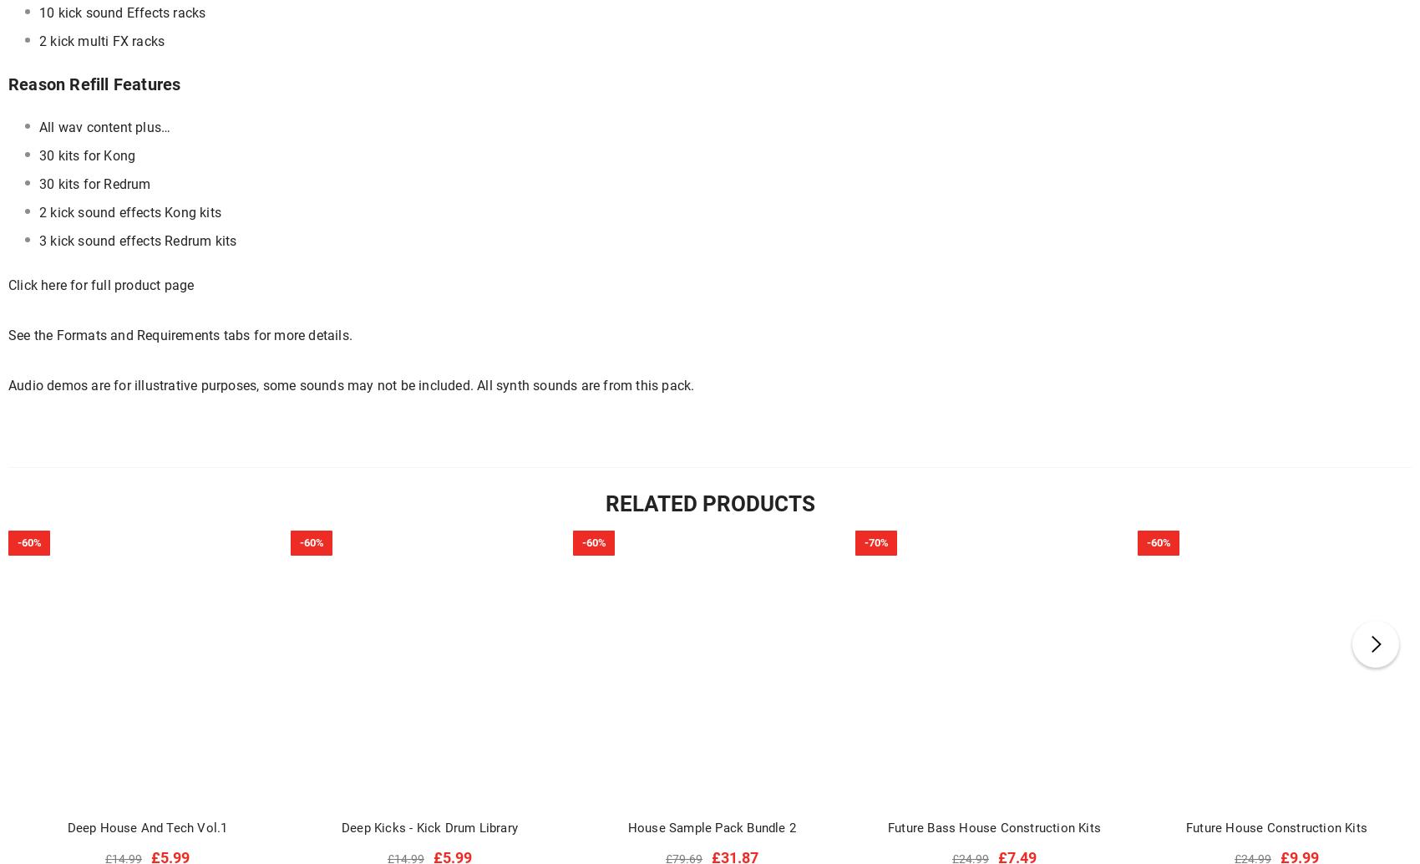  What do you see at coordinates (94, 84) in the screenshot?
I see `'Reason Refill Features'` at bounding box center [94, 84].